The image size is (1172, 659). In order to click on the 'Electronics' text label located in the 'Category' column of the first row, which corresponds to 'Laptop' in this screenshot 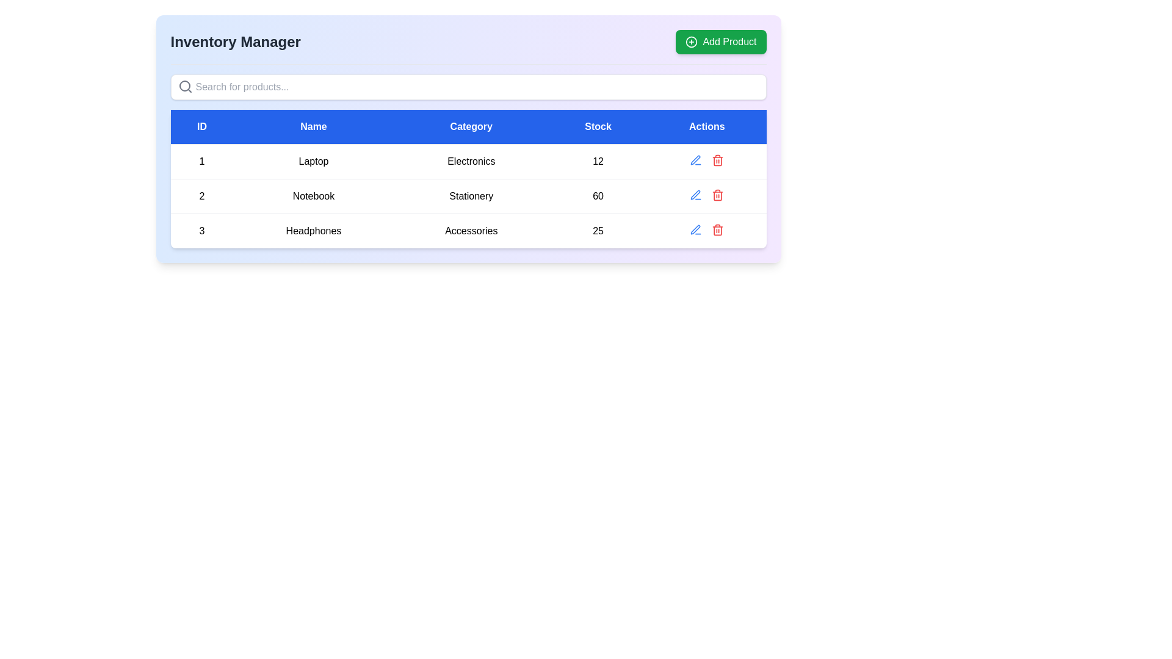, I will do `click(471, 161)`.